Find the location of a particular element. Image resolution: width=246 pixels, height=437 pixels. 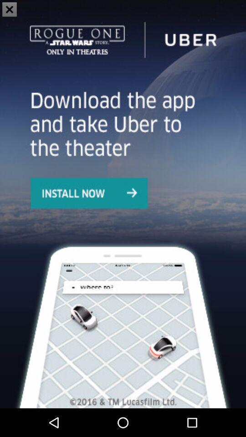

the close icon is located at coordinates (9, 10).